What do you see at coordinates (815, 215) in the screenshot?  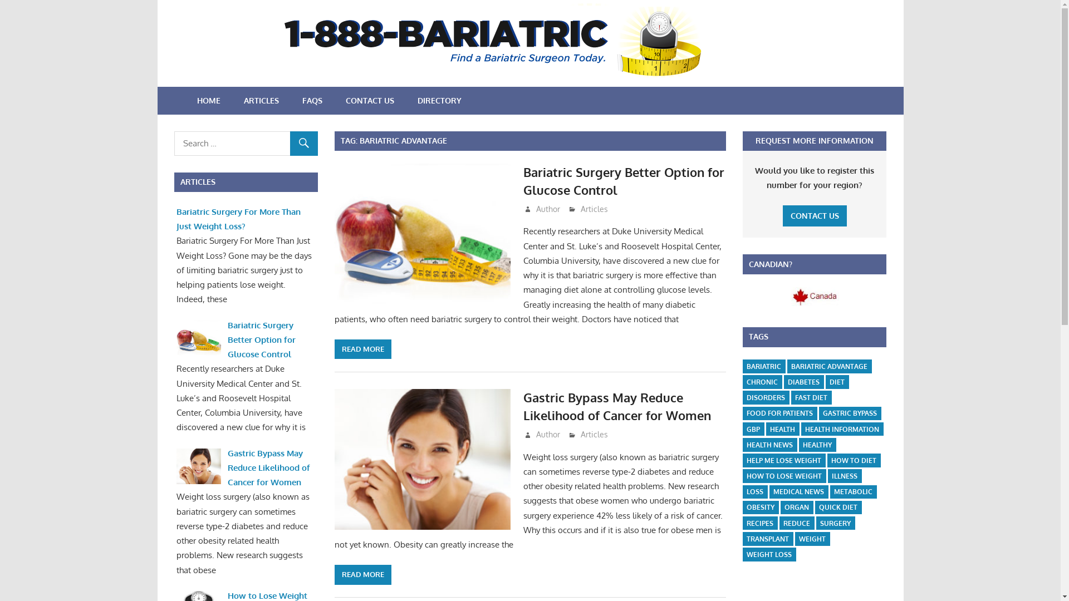 I see `'CONTACT US'` at bounding box center [815, 215].